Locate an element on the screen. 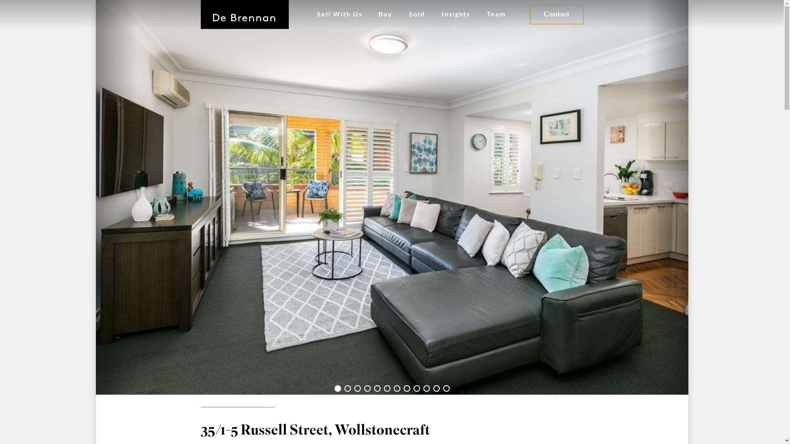  '12' is located at coordinates (446, 388).